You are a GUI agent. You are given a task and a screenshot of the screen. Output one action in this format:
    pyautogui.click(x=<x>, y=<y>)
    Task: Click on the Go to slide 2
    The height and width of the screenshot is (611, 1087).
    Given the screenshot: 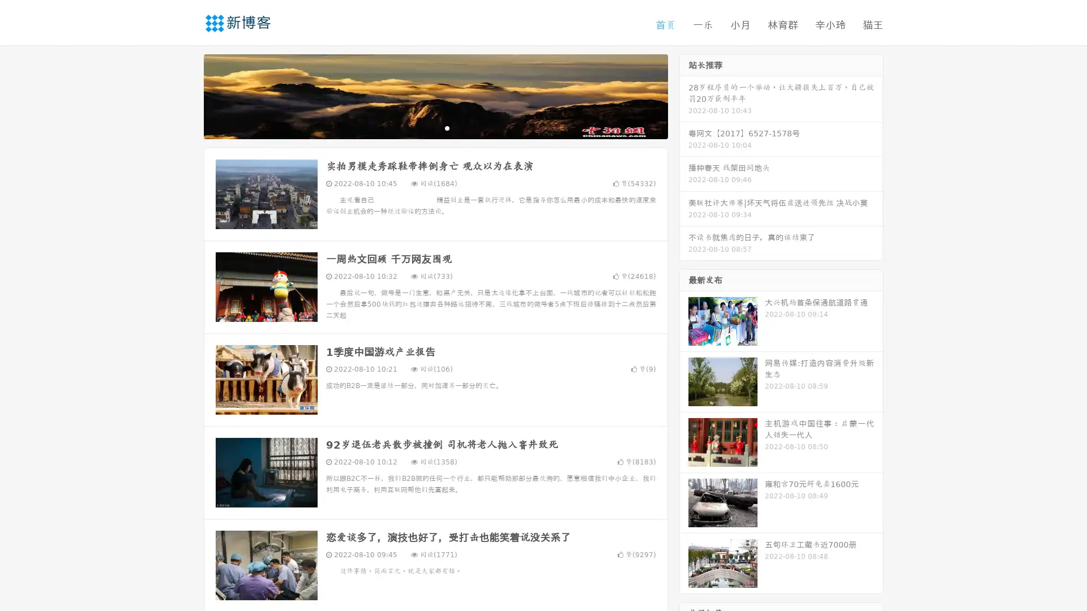 What is the action you would take?
    pyautogui.click(x=435, y=127)
    